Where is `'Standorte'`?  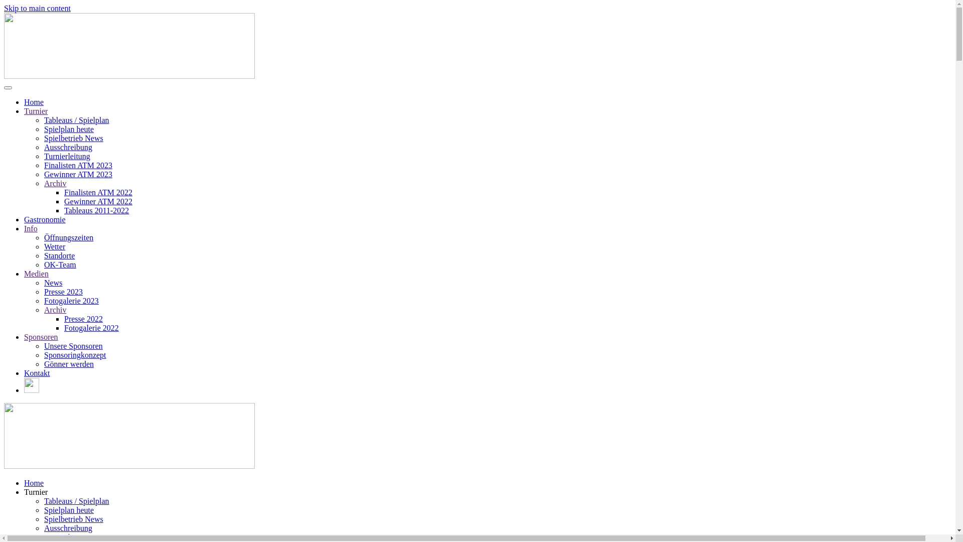 'Standorte' is located at coordinates (59, 255).